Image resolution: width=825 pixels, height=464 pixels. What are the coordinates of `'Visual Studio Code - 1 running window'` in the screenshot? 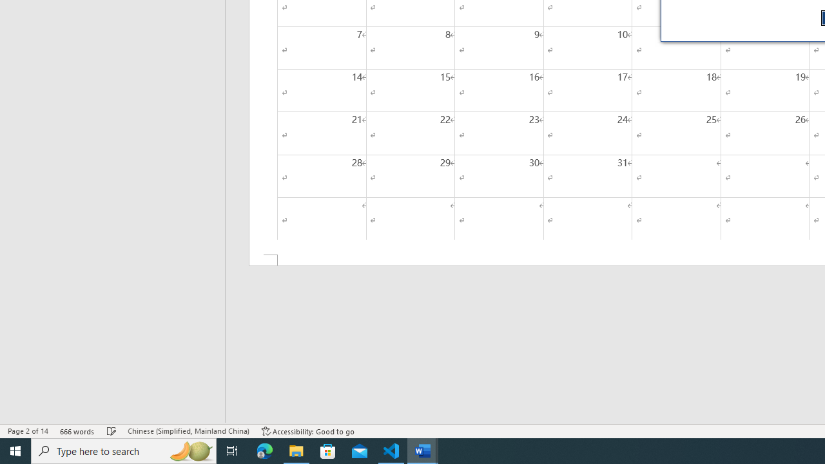 It's located at (391, 450).